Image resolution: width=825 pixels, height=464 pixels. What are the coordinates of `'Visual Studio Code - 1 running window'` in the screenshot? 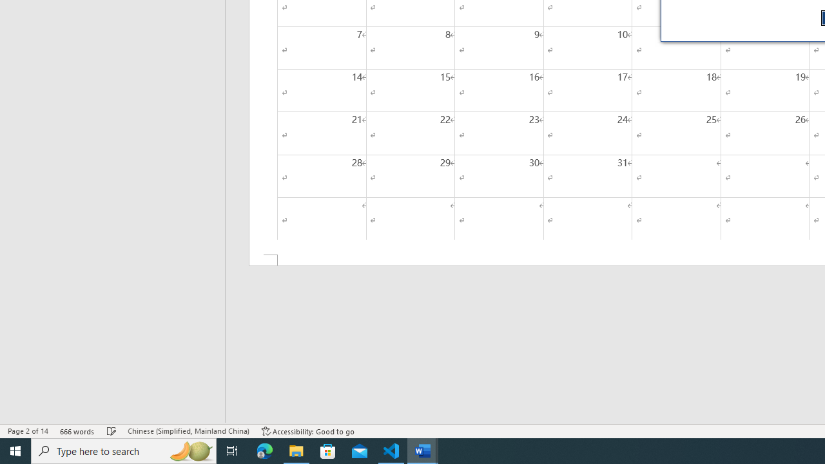 It's located at (391, 450).